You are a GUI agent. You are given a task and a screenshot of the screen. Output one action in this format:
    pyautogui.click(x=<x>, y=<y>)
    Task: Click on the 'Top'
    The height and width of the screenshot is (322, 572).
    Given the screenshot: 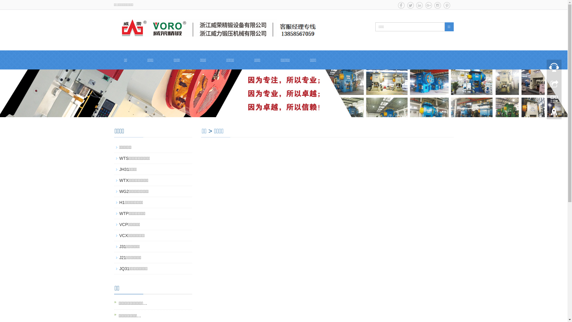 What is the action you would take?
    pyautogui.click(x=554, y=114)
    